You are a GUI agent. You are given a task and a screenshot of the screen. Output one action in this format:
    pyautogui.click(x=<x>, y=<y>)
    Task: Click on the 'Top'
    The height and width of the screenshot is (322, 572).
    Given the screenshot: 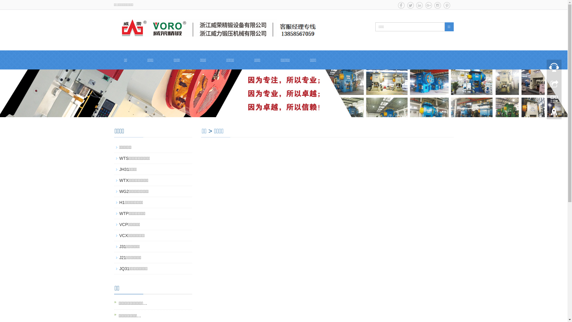 What is the action you would take?
    pyautogui.click(x=554, y=114)
    